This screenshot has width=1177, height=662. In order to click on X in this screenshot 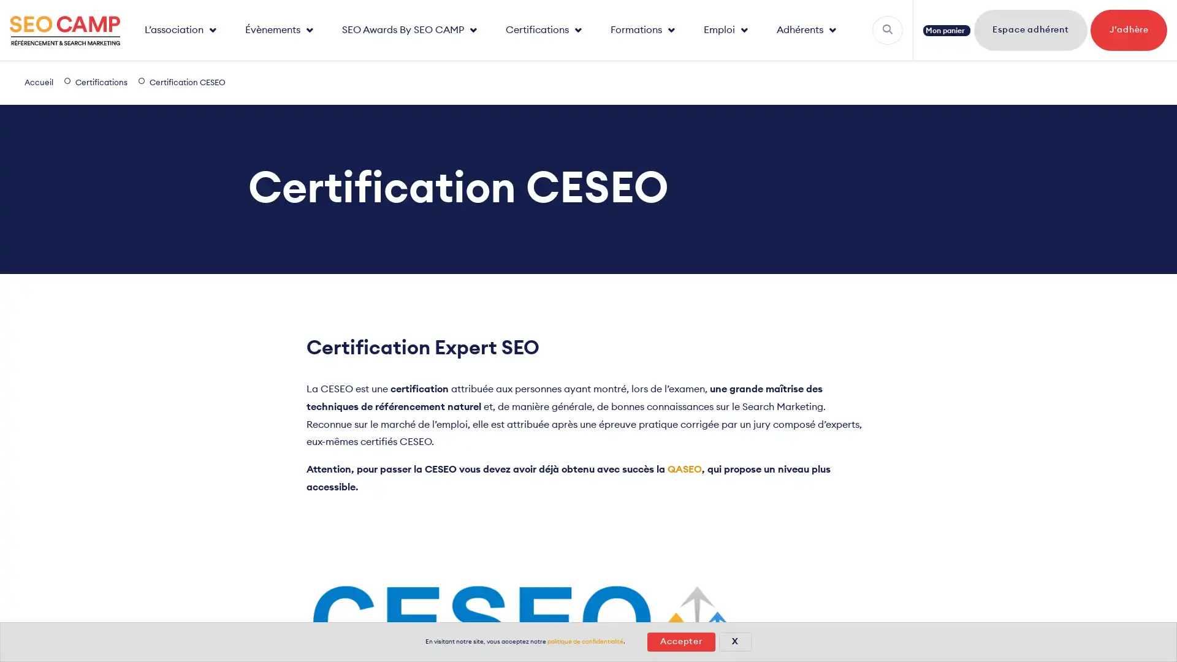, I will do `click(734, 641)`.